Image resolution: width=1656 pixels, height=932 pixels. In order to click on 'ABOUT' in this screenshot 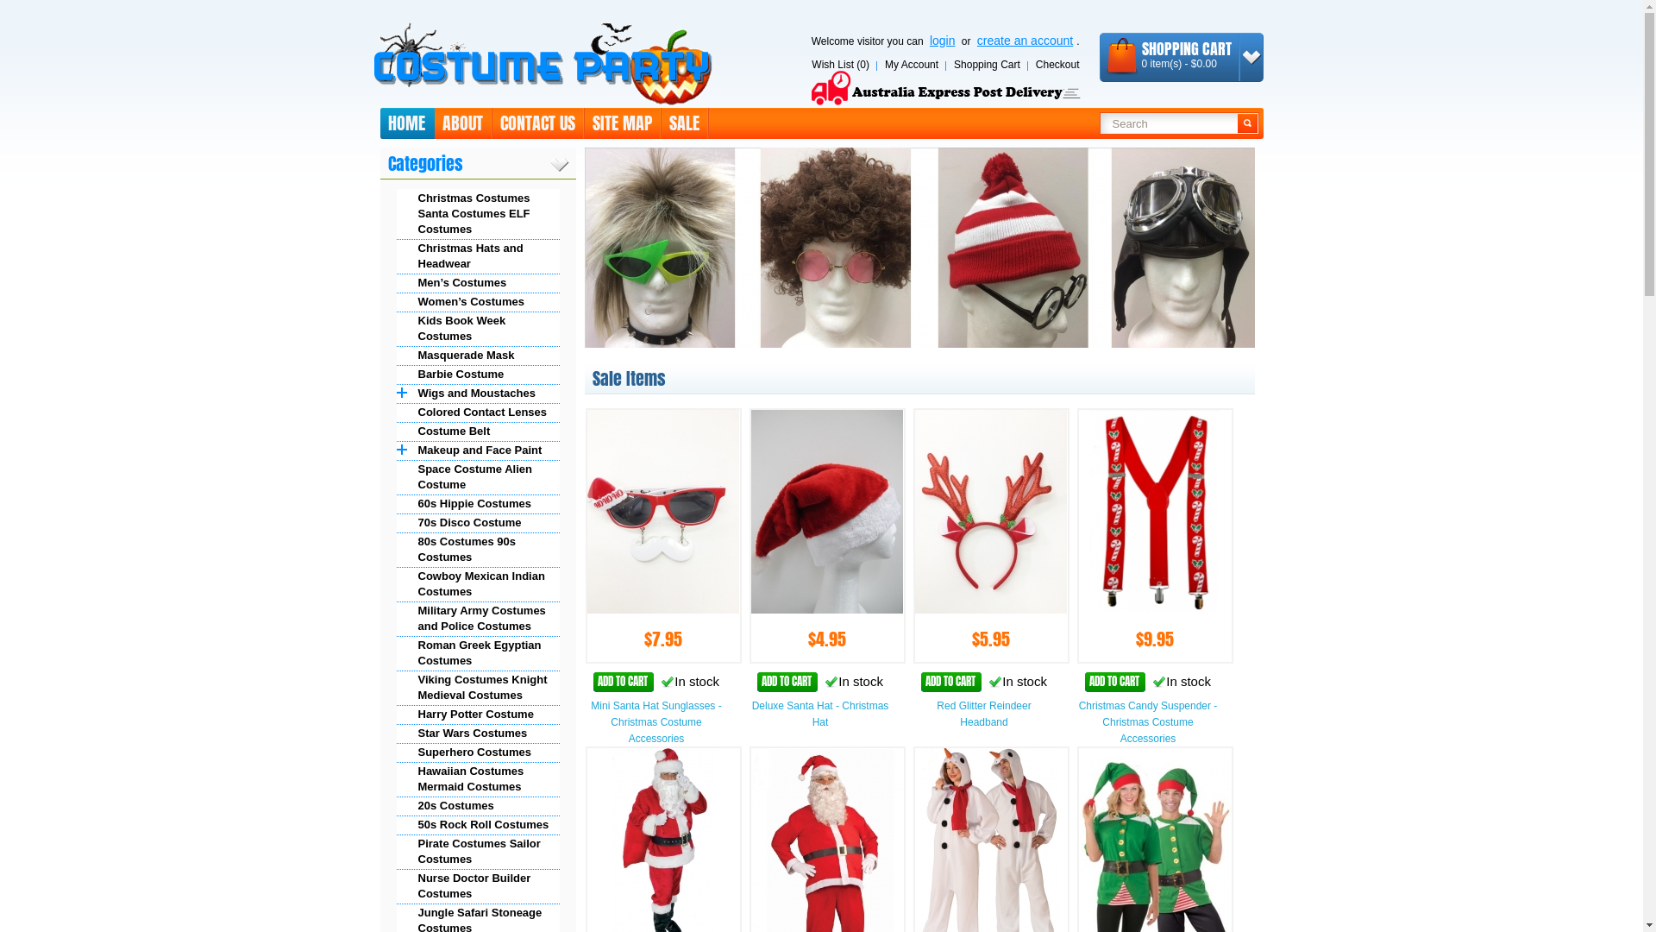, I will do `click(463, 122)`.